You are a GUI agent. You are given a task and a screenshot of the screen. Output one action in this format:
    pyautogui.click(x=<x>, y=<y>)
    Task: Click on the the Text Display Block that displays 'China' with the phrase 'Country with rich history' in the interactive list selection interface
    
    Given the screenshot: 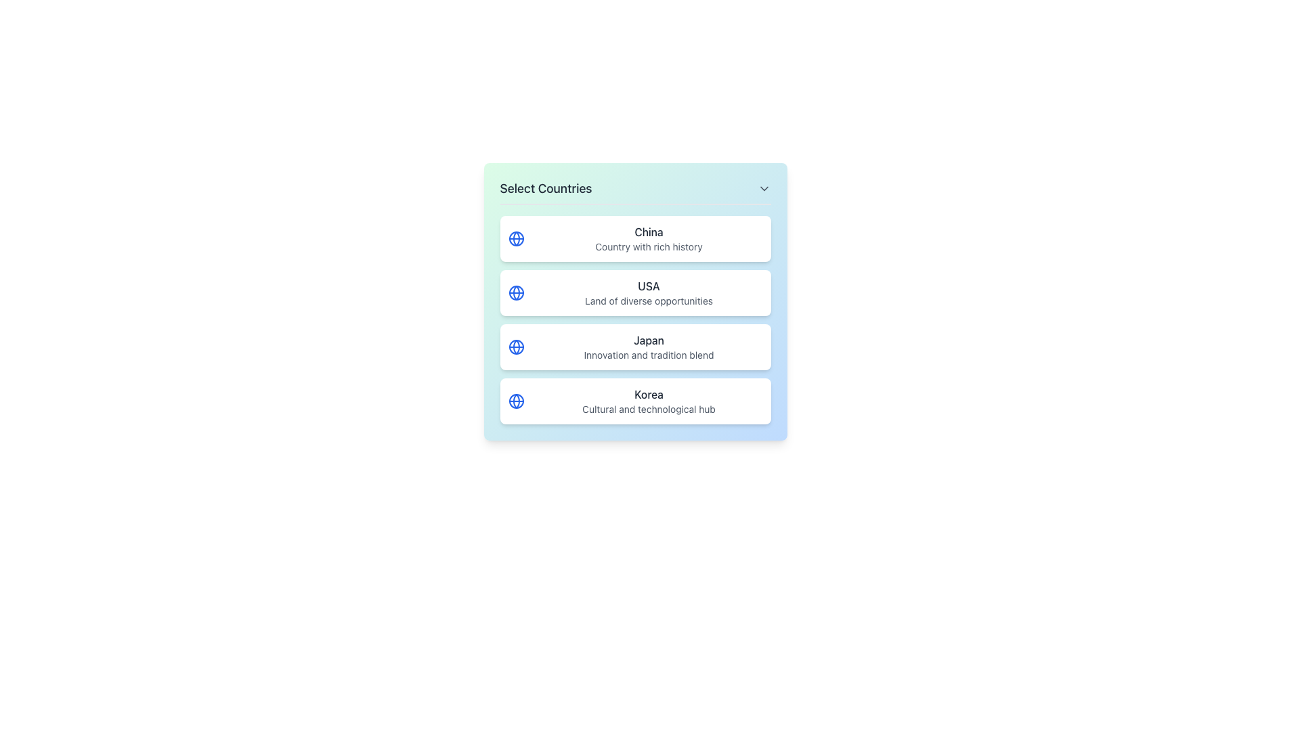 What is the action you would take?
    pyautogui.click(x=648, y=238)
    